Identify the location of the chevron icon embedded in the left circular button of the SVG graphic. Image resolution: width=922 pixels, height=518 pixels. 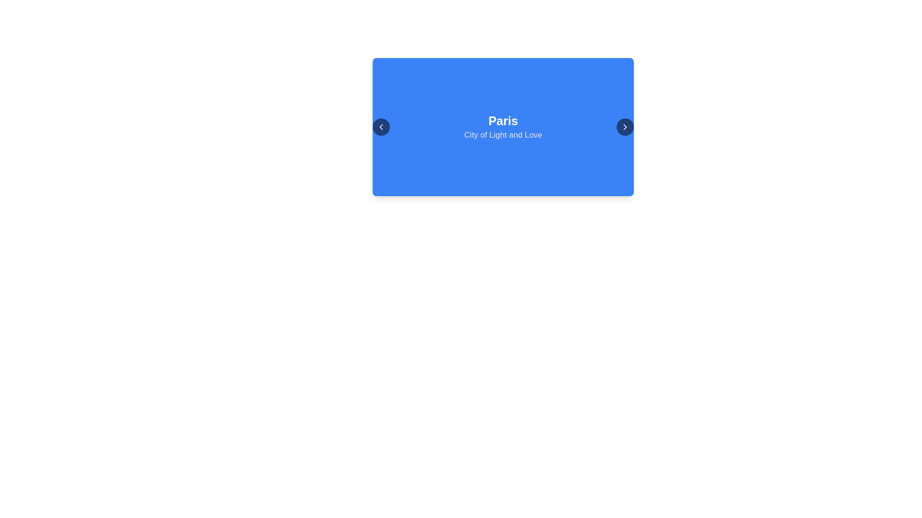
(380, 127).